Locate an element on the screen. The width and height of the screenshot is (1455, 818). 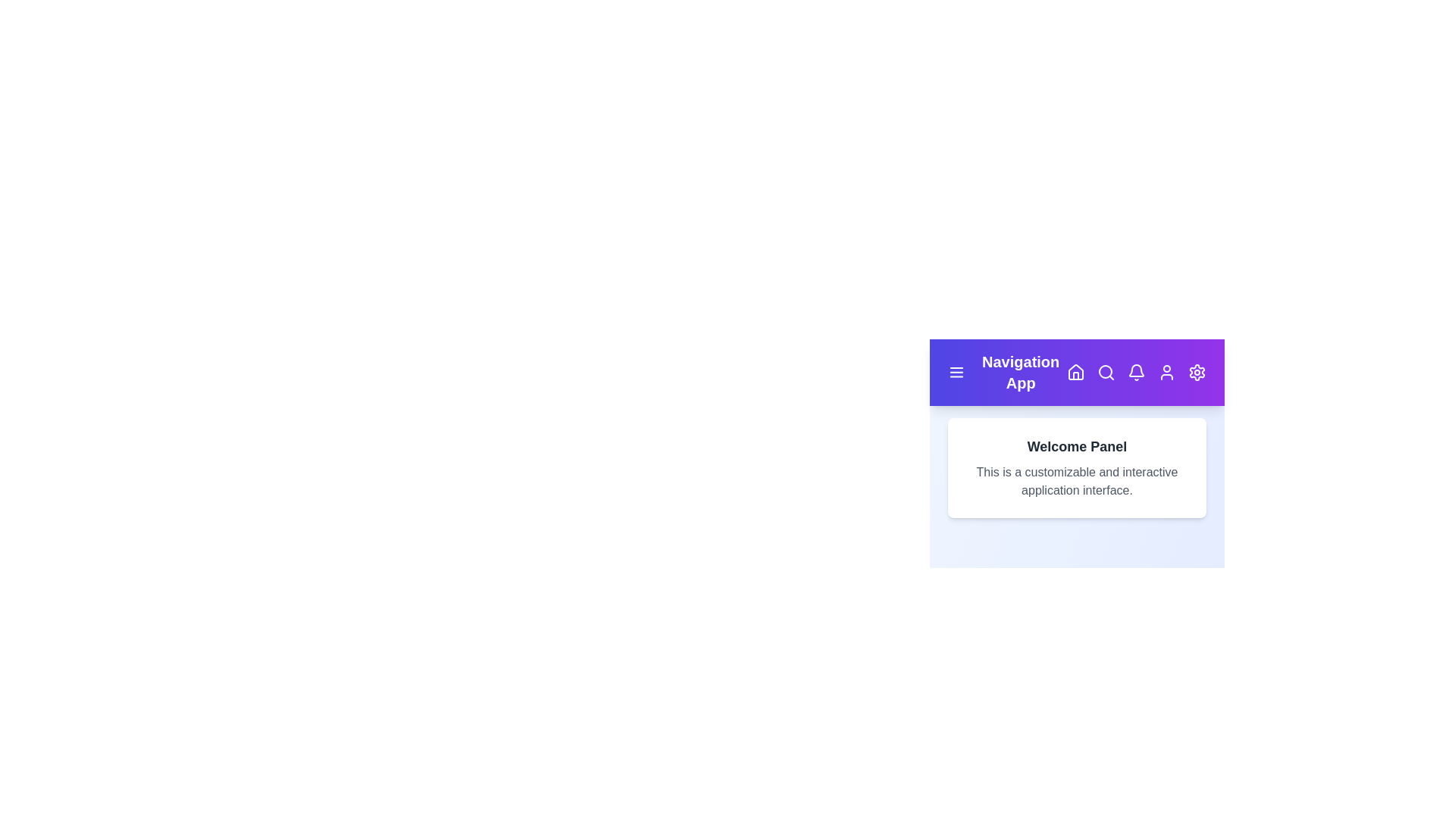
the Settings icon in the navigation bar to navigate to its respective section is located at coordinates (1196, 373).